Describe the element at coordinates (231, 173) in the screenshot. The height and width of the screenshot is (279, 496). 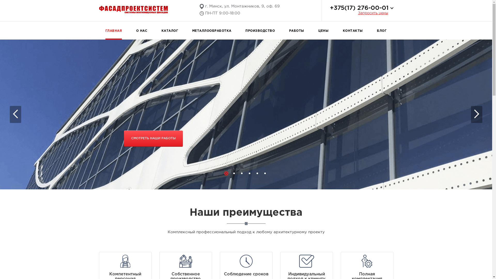
I see `'2'` at that location.